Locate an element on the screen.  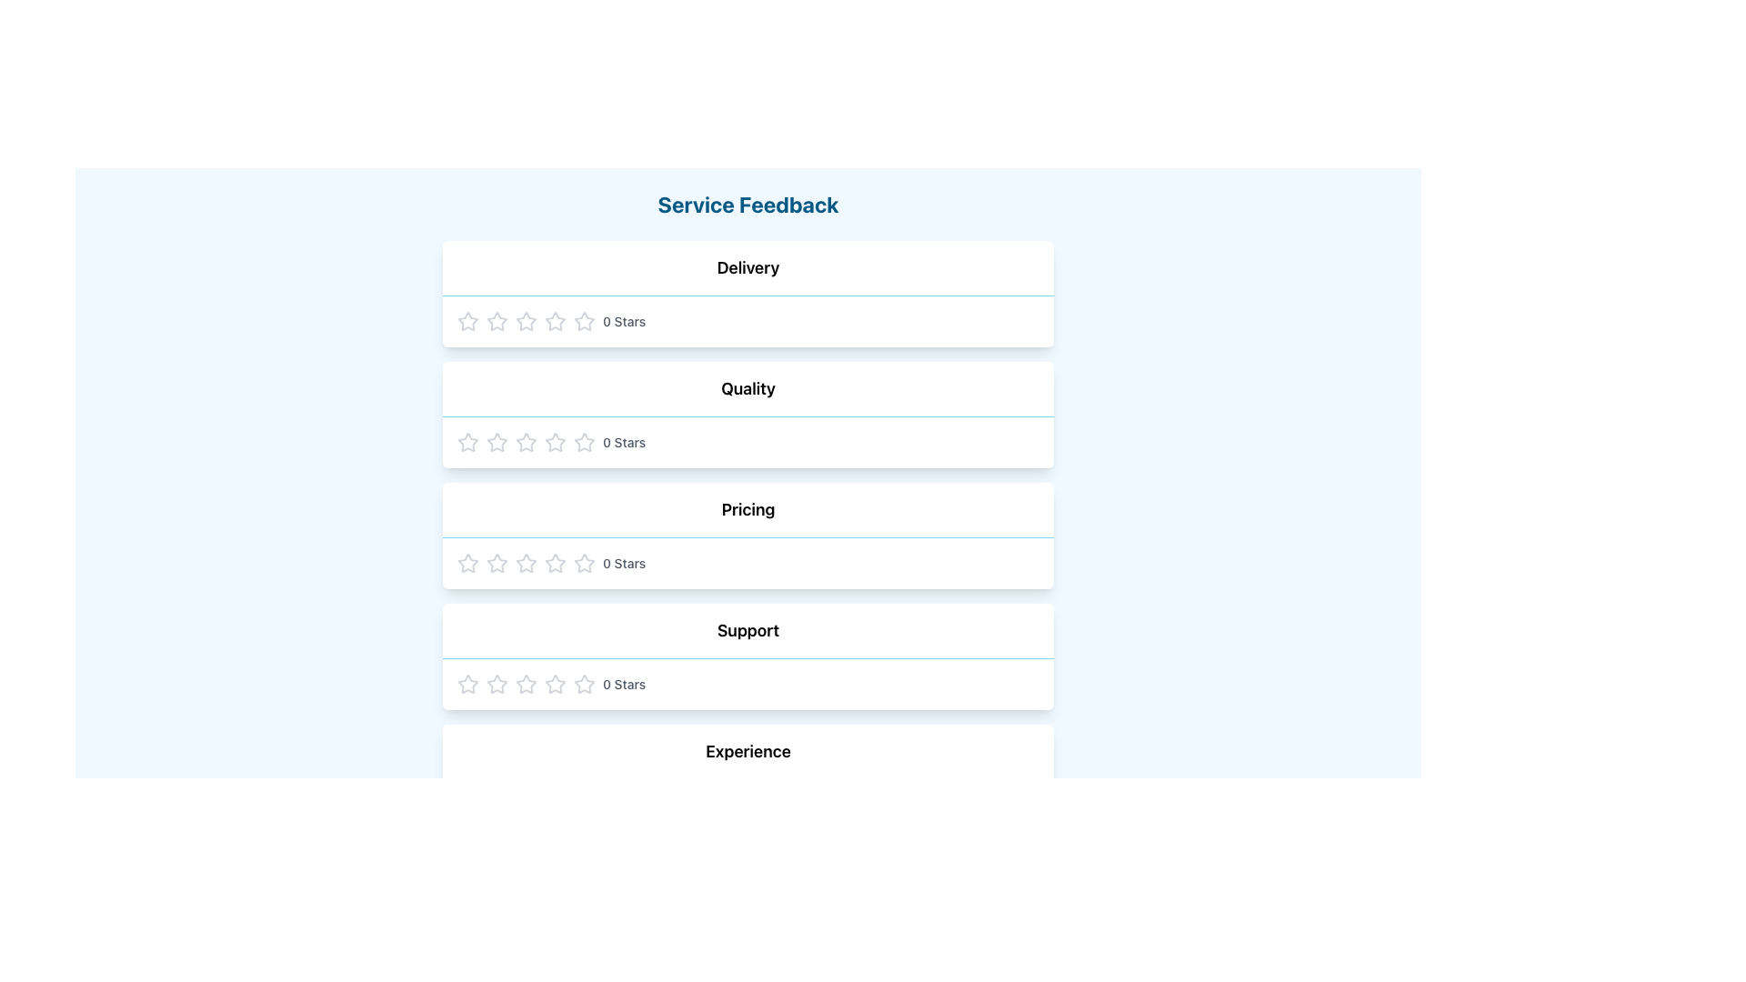
the static text label displaying '0 Stars' which is styled with a small font size and medium weight, located in the 'Delivery' section of the feedback form, positioned to the right of the star-shaped rating icons is located at coordinates (624, 321).